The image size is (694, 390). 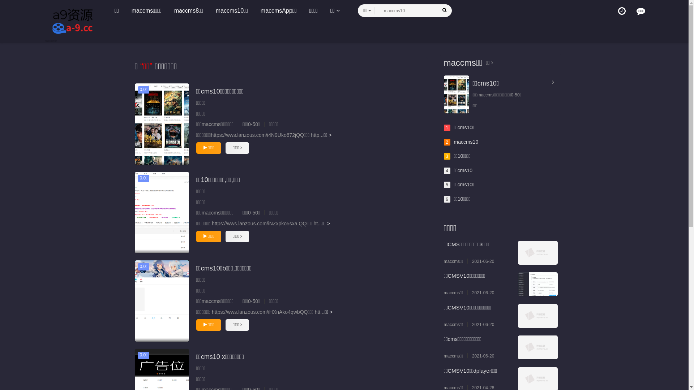 What do you see at coordinates (444, 142) in the screenshot?
I see `'2maccms10'` at bounding box center [444, 142].